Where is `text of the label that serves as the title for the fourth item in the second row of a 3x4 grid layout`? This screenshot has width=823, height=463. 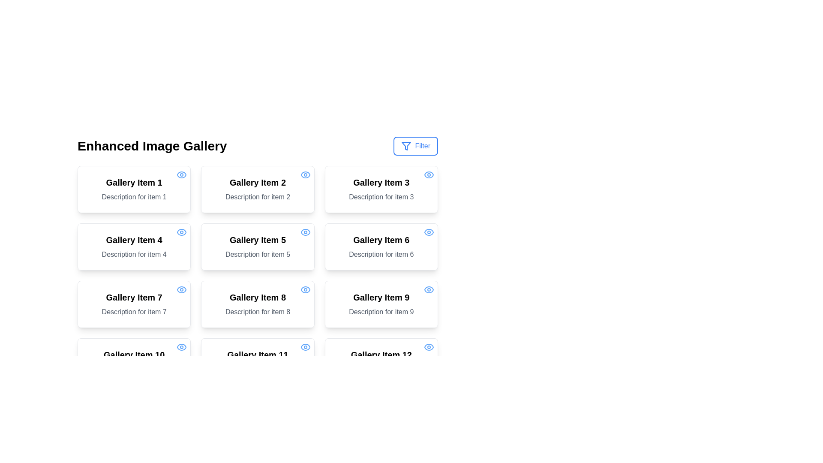 text of the label that serves as the title for the fourth item in the second row of a 3x4 grid layout is located at coordinates (134, 355).